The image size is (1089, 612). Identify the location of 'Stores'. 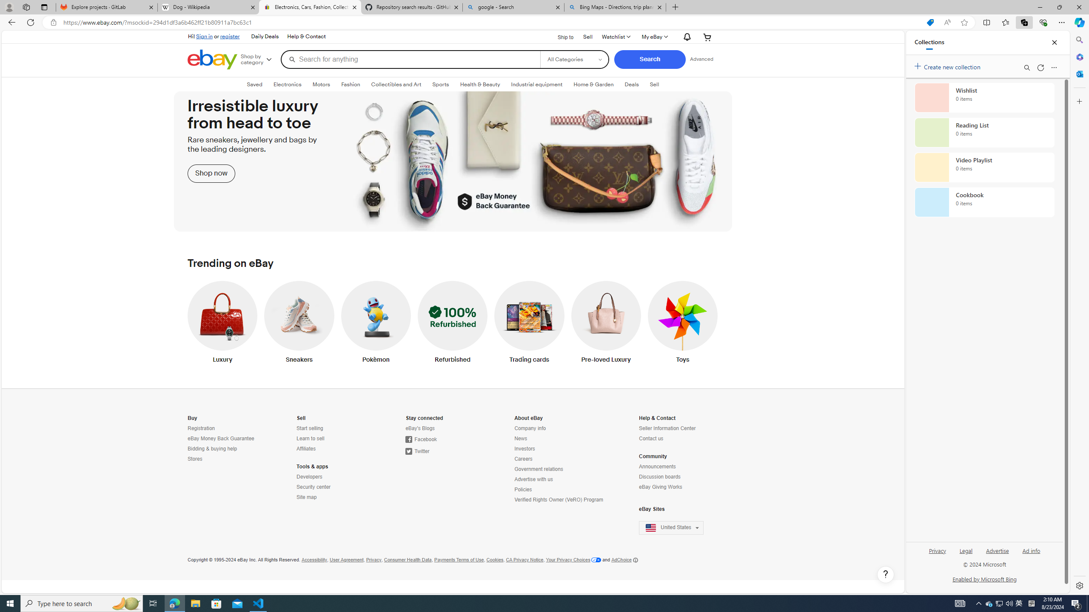
(194, 459).